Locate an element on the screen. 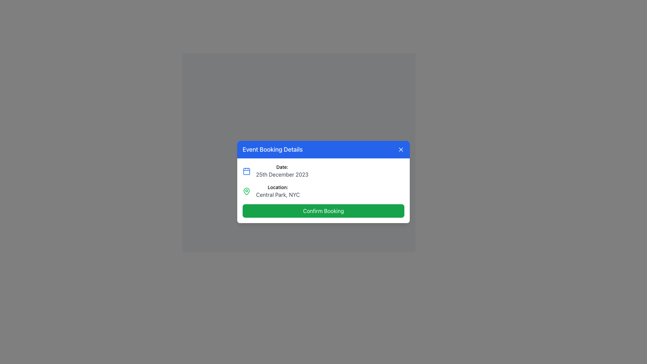 The image size is (647, 364). the confirm booking button located at the bottom of the 'Event Booking Details' modal to observe hover effects is located at coordinates (323, 210).